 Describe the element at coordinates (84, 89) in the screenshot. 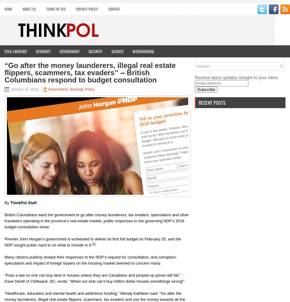

I see `'Policy'` at that location.